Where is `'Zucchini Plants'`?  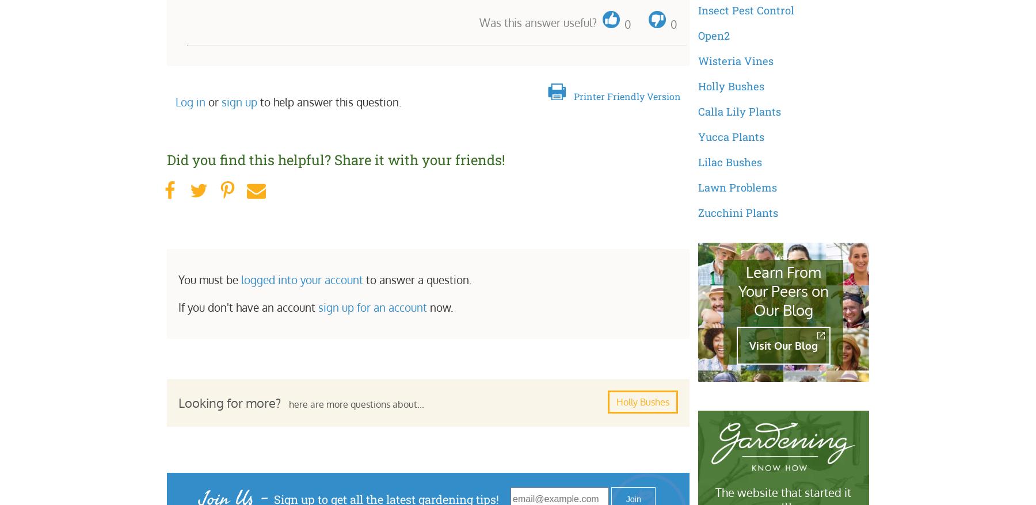 'Zucchini Plants' is located at coordinates (696, 212).